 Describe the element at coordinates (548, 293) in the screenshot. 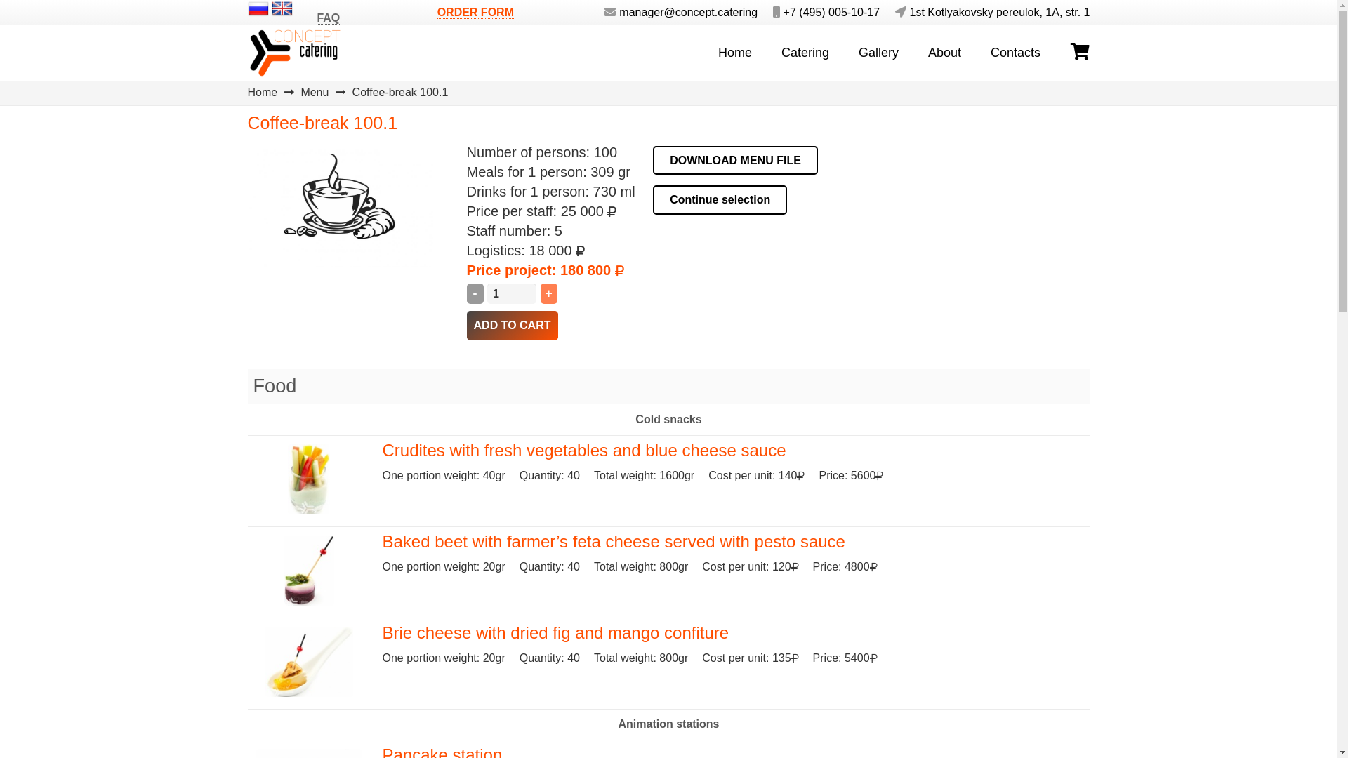

I see `'+'` at that location.